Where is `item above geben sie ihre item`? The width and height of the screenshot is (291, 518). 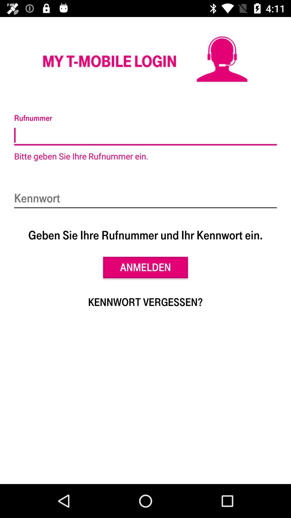
item above geben sie ihre item is located at coordinates (145, 199).